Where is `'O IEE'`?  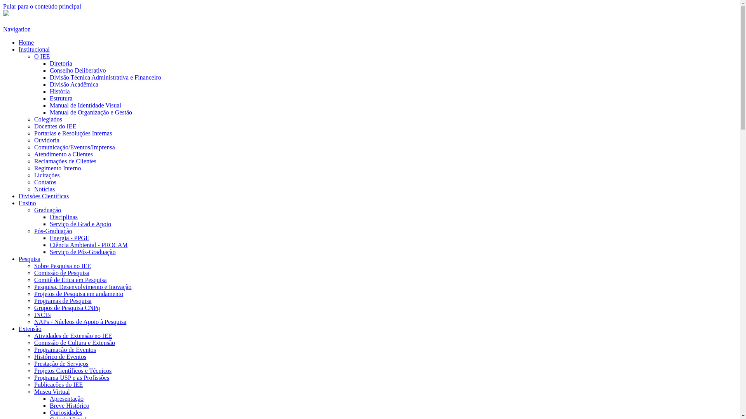
'O IEE' is located at coordinates (41, 56).